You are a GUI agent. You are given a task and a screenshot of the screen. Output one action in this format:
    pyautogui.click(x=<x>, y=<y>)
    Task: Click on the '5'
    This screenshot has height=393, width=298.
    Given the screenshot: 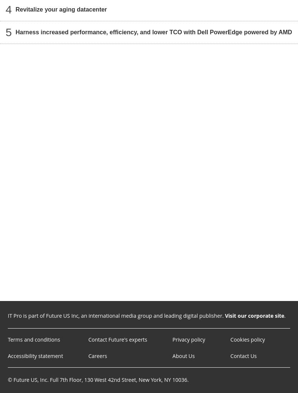 What is the action you would take?
    pyautogui.click(x=8, y=32)
    